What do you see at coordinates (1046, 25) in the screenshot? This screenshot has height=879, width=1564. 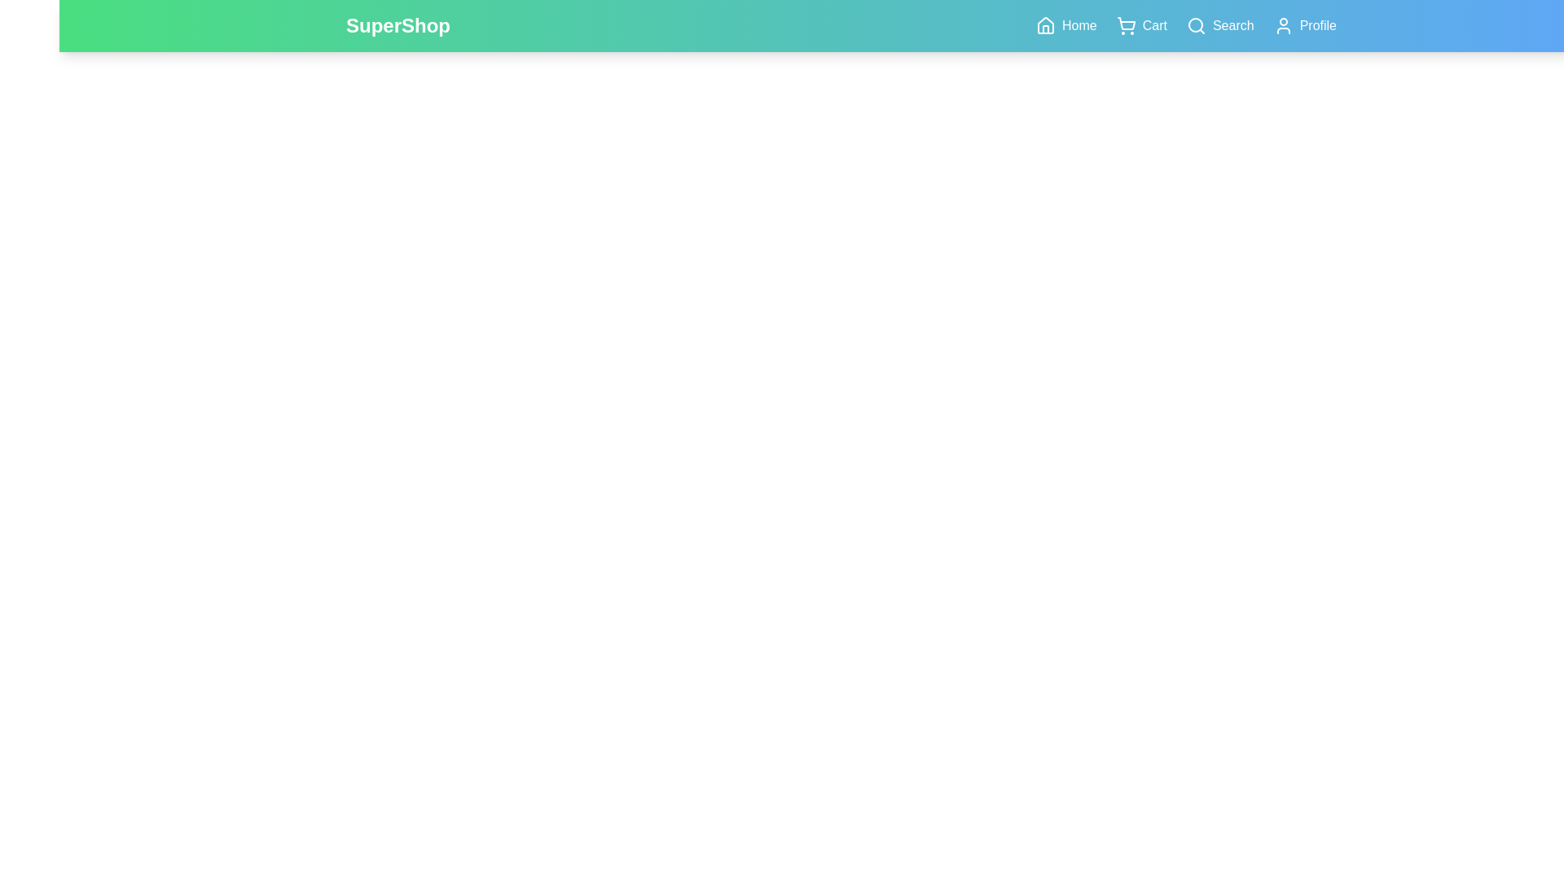 I see `the house icon in the navigation bar, which serves as the 'Home' button` at bounding box center [1046, 25].